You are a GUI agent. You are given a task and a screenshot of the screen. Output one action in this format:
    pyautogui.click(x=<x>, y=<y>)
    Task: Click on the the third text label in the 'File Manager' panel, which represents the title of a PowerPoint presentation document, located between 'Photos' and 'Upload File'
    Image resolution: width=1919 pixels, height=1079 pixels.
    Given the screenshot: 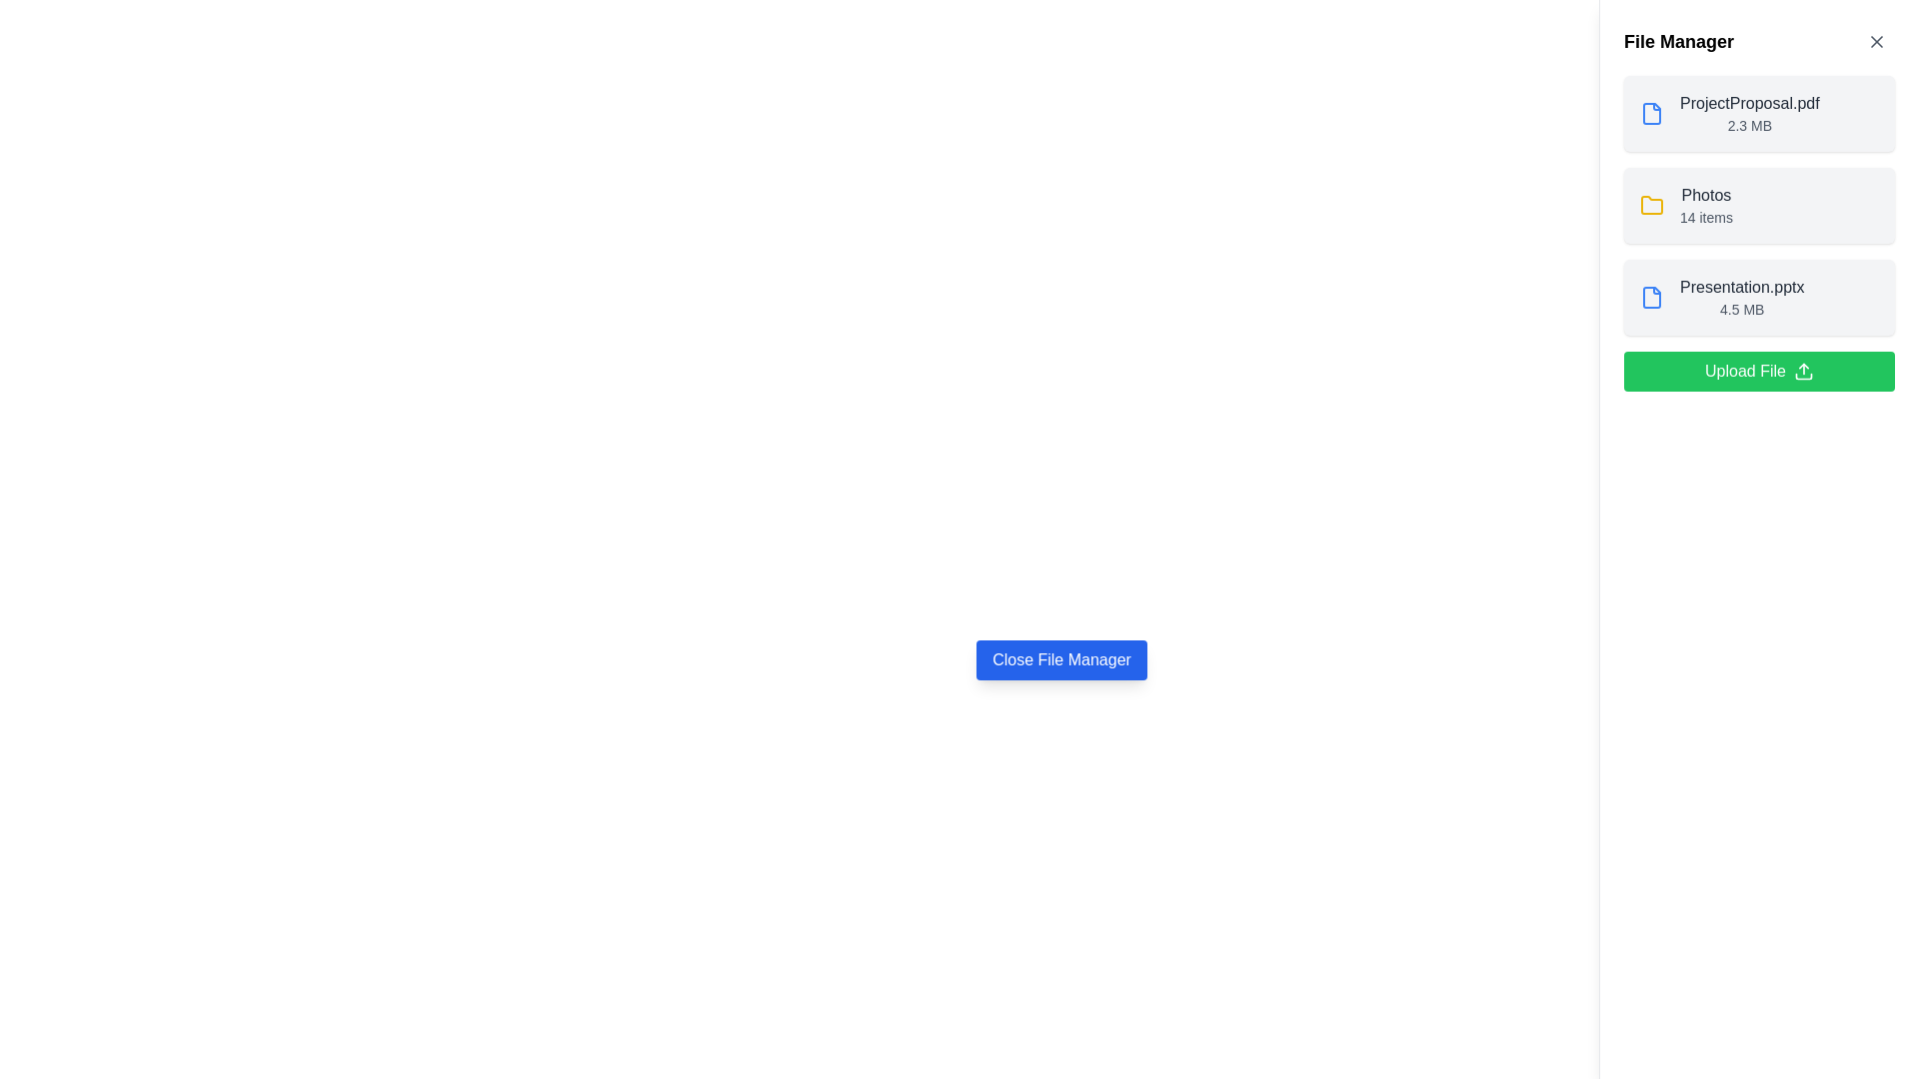 What is the action you would take?
    pyautogui.click(x=1741, y=288)
    